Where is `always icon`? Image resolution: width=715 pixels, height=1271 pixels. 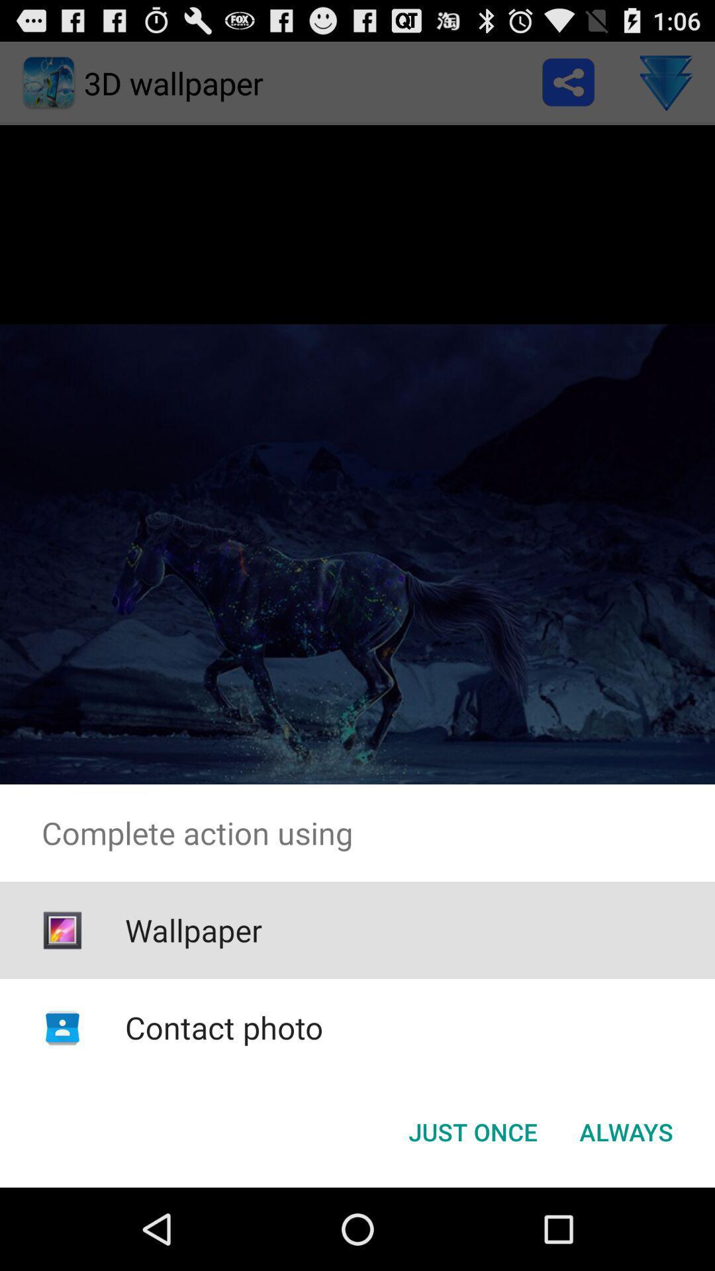 always icon is located at coordinates (626, 1131).